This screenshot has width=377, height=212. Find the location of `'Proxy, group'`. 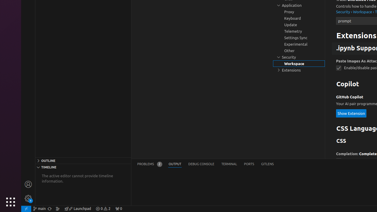

'Proxy, group' is located at coordinates (299, 12).